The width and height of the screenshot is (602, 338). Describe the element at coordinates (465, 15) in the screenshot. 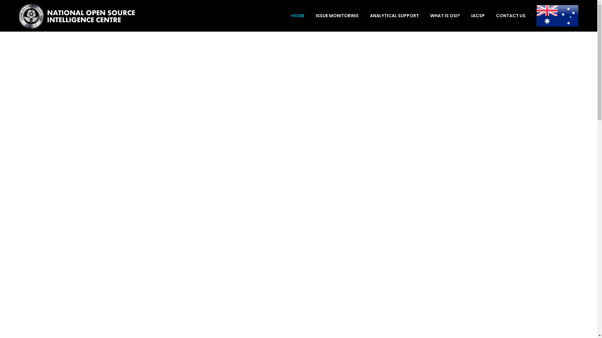

I see `'IACSP'` at that location.